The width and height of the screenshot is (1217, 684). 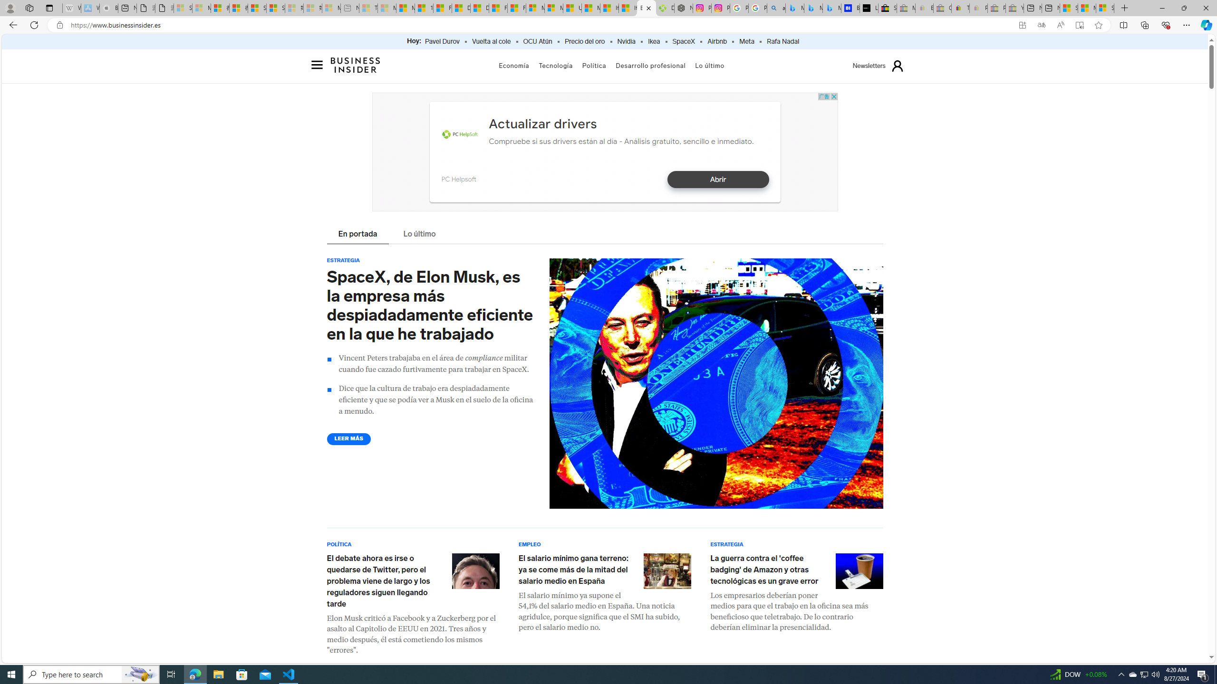 I want to click on 'Payments Terms of Use | eBay.com - Sleeping', so click(x=978, y=8).